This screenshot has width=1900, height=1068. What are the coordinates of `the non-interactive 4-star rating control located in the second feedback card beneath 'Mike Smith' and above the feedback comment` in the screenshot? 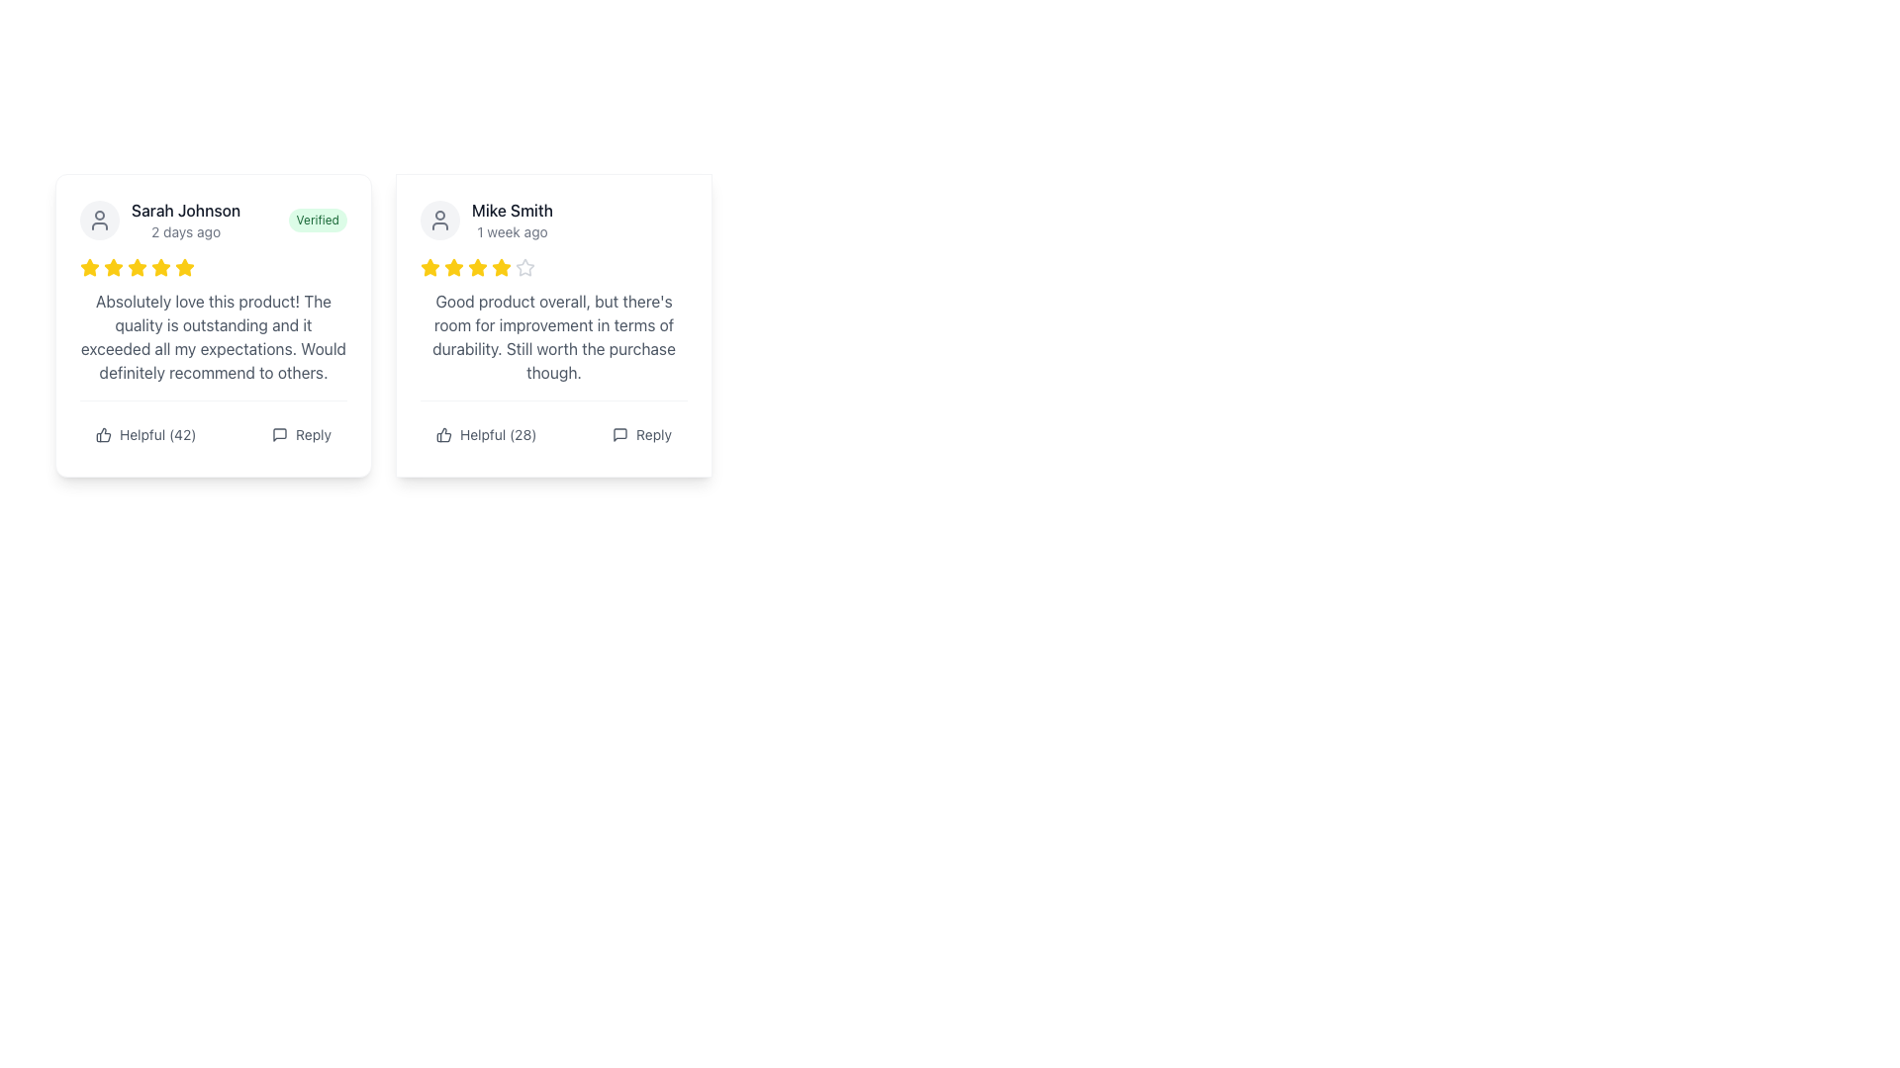 It's located at (554, 267).